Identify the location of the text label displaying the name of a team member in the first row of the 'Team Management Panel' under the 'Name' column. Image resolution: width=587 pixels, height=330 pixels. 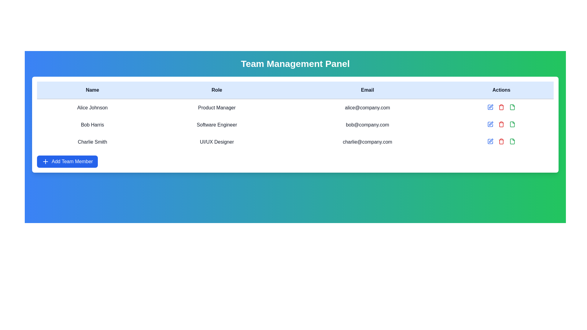
(92, 107).